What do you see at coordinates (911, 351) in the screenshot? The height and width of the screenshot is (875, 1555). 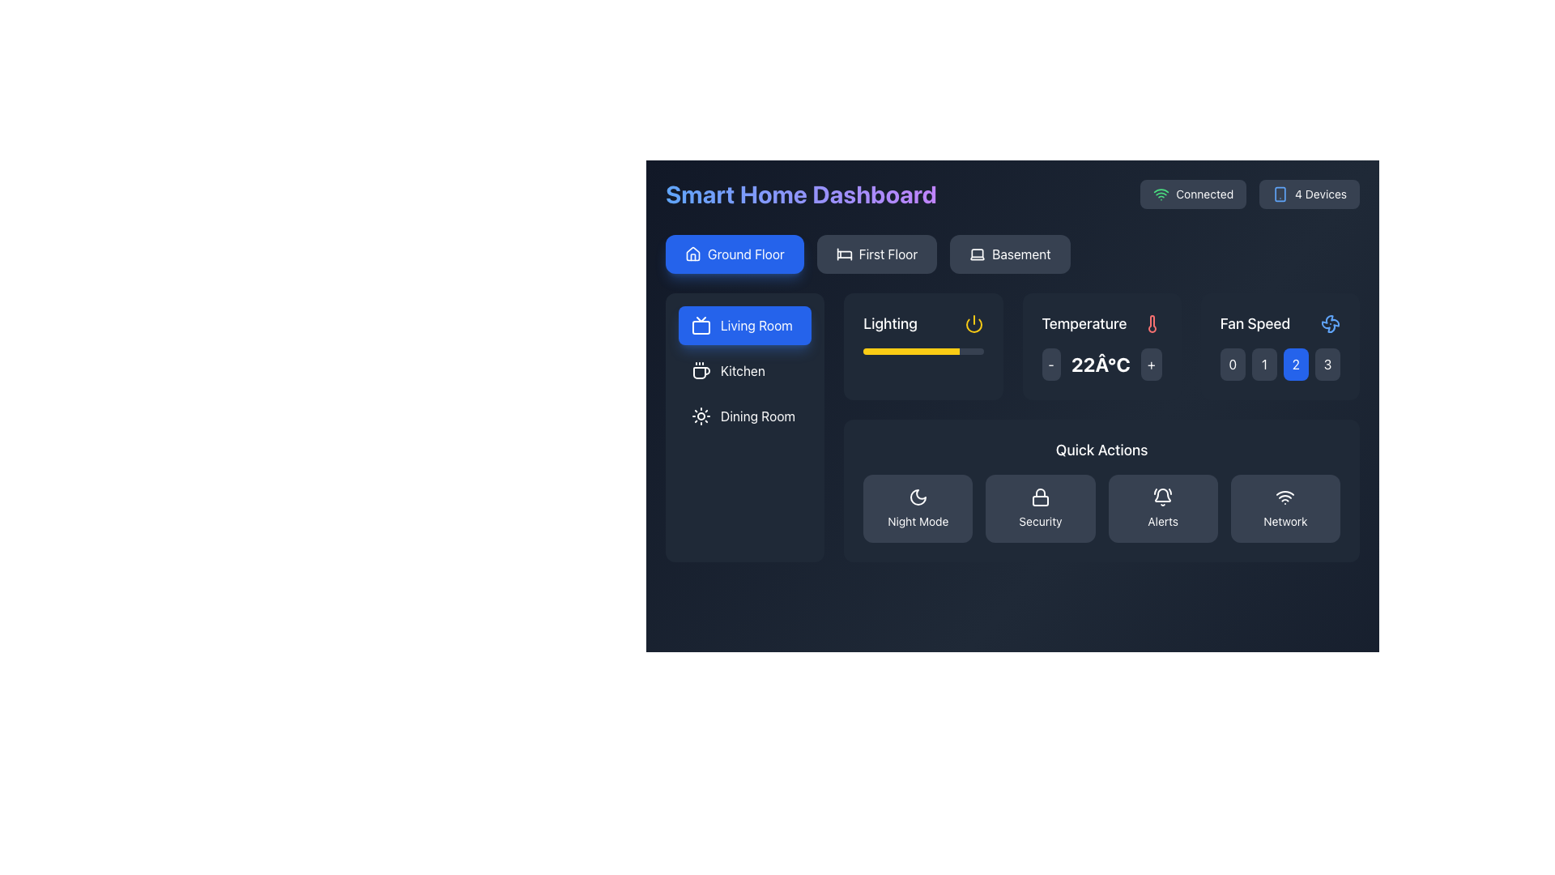 I see `the Progress bar segment that visually indicates the current lighting intensity, located within the 'Lighting' area of the interface` at bounding box center [911, 351].